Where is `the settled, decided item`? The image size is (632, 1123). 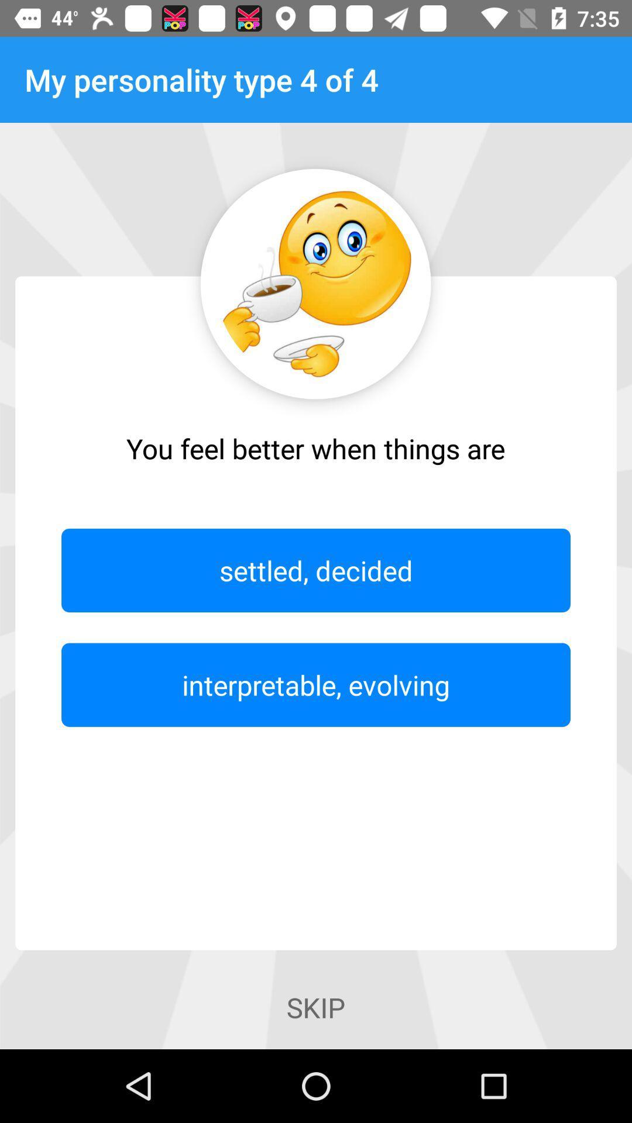 the settled, decided item is located at coordinates (316, 570).